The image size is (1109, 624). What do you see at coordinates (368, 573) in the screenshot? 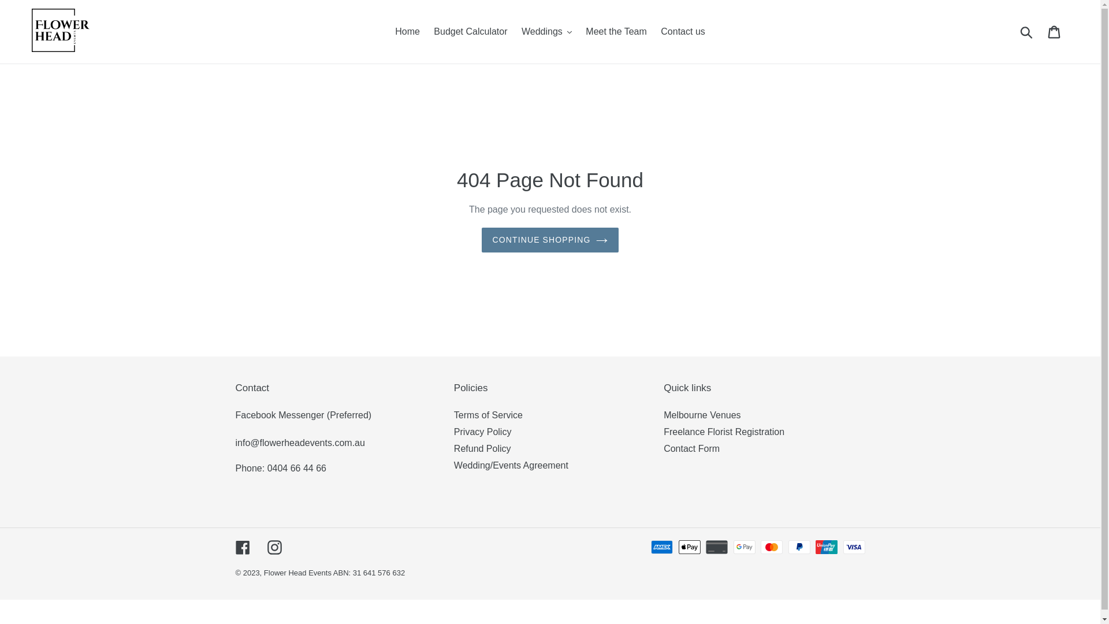
I see `'ABN: 31 641 576 632'` at bounding box center [368, 573].